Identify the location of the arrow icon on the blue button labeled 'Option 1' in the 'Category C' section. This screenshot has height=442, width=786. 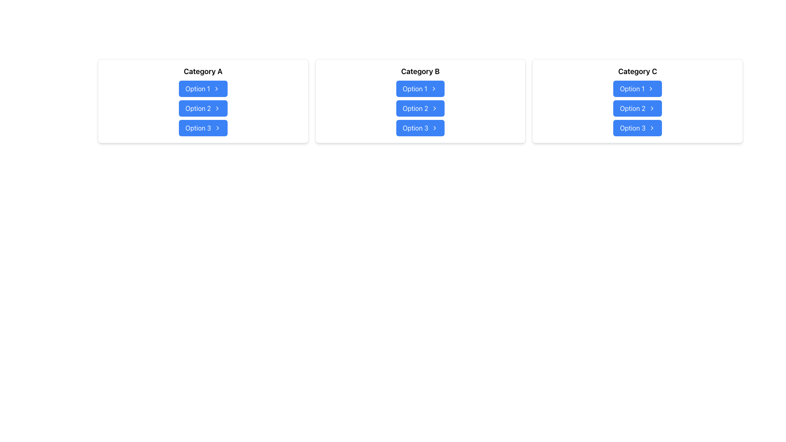
(650, 88).